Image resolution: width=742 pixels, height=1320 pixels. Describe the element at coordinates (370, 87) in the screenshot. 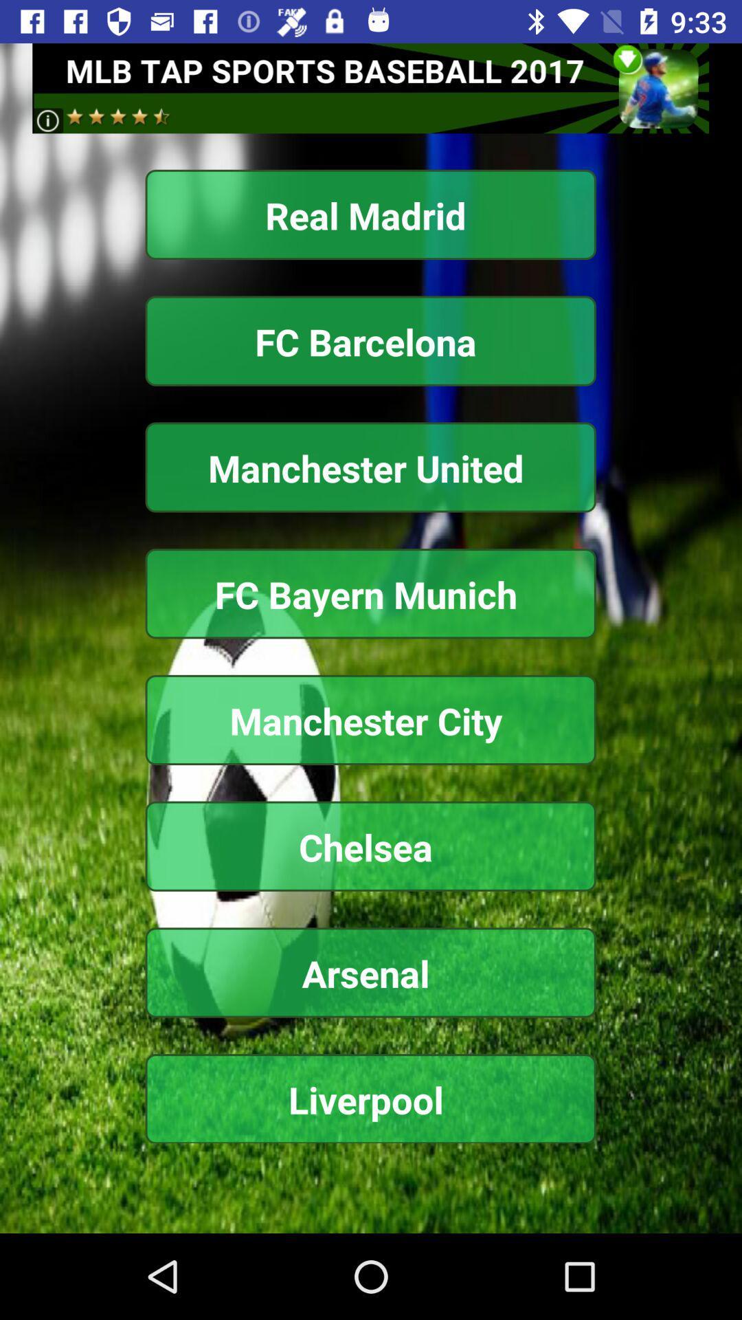

I see `an advertisement` at that location.